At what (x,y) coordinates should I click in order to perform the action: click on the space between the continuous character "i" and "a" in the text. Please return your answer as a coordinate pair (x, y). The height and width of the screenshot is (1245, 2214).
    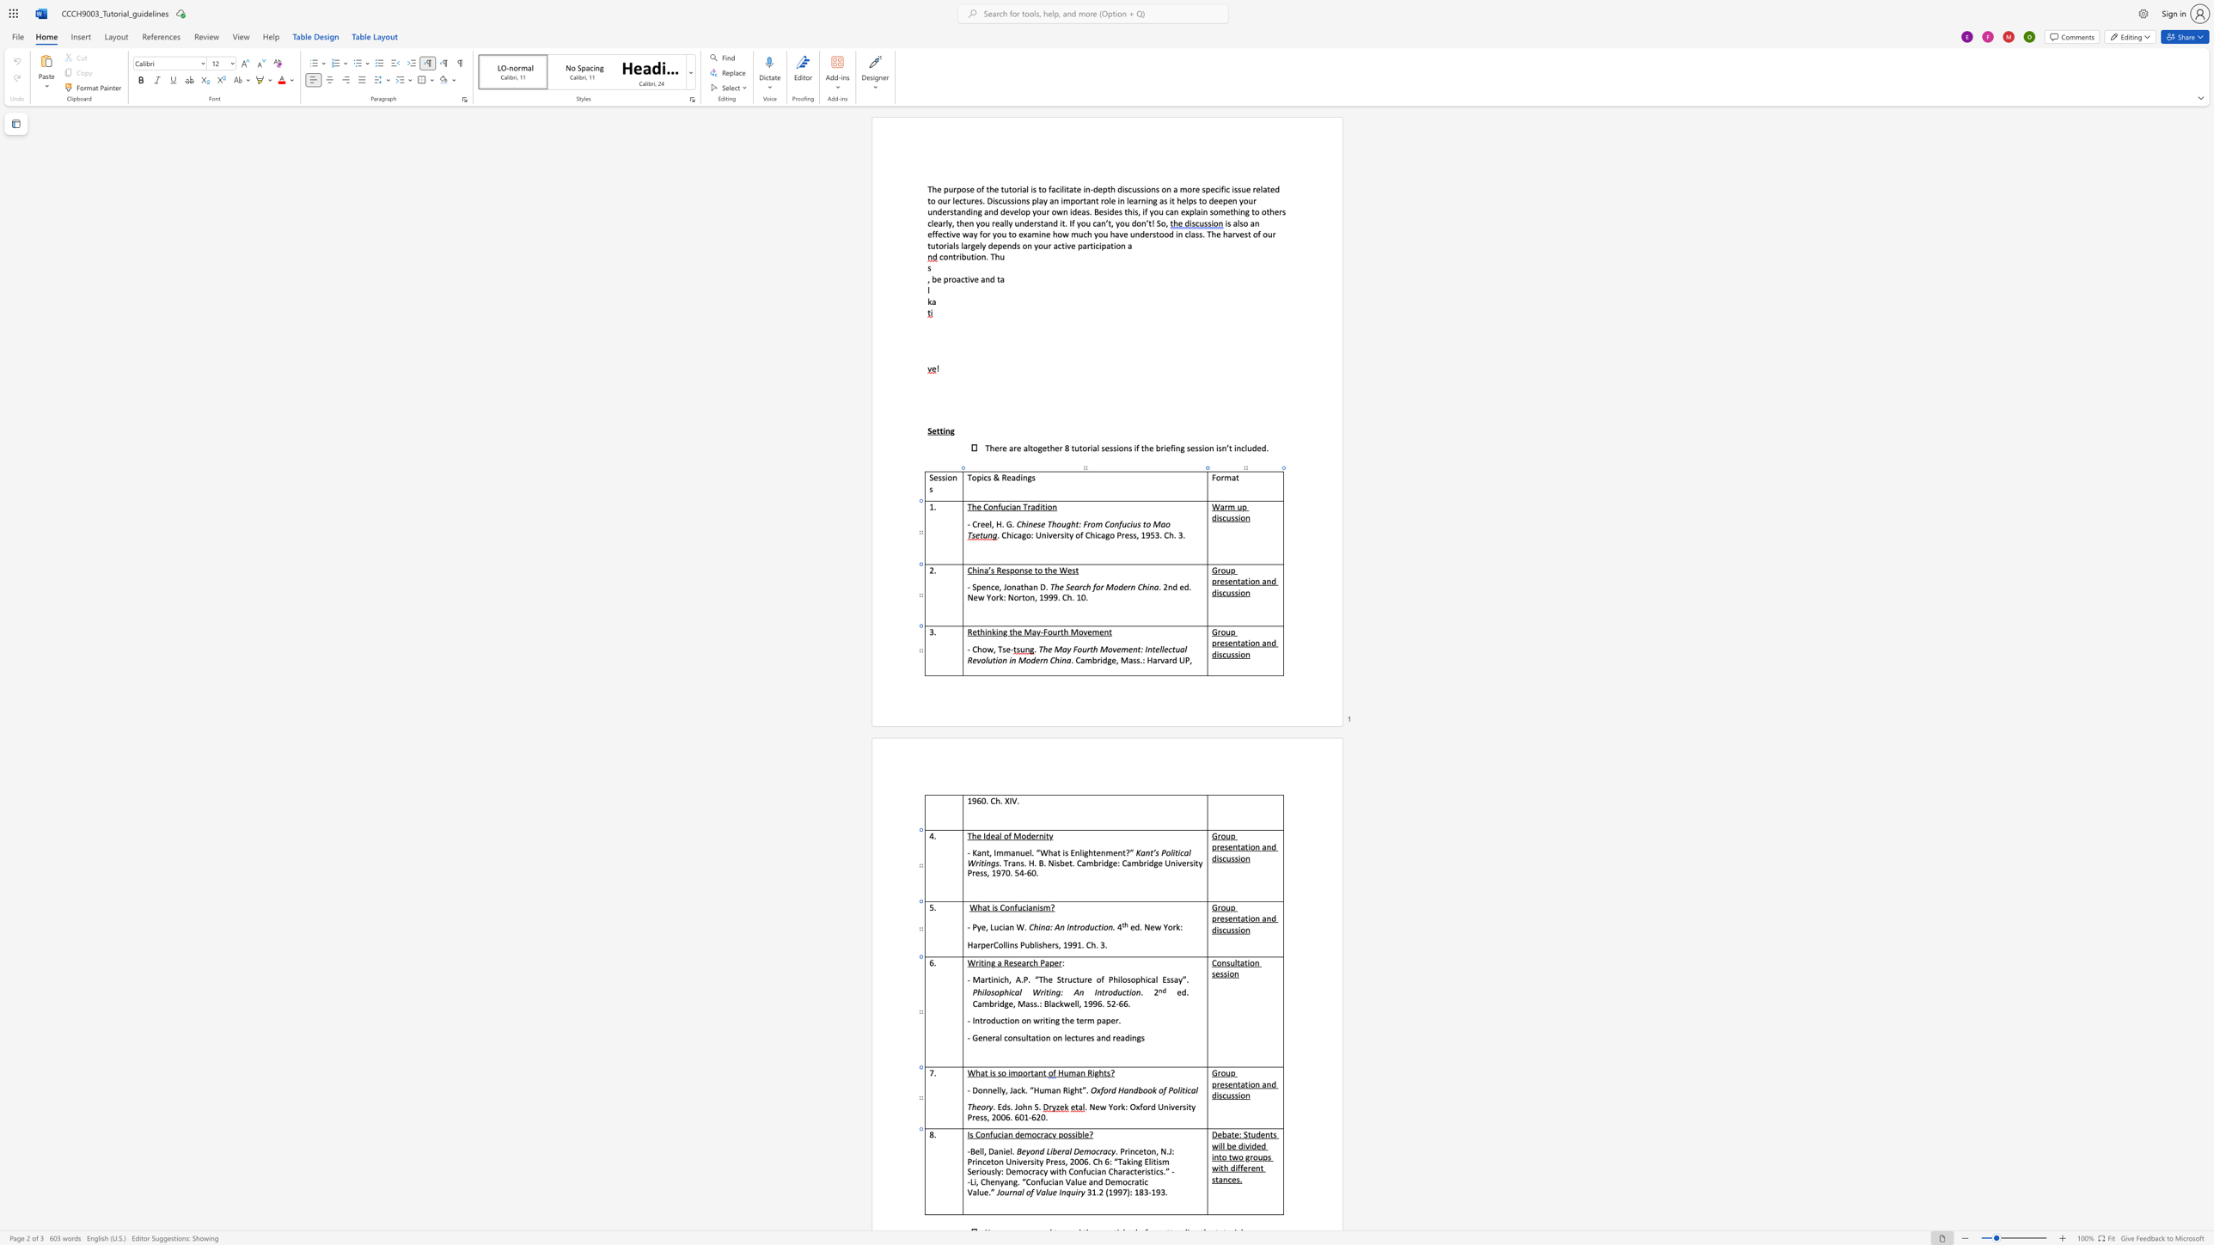
    Looking at the image, I should click on (1003, 1134).